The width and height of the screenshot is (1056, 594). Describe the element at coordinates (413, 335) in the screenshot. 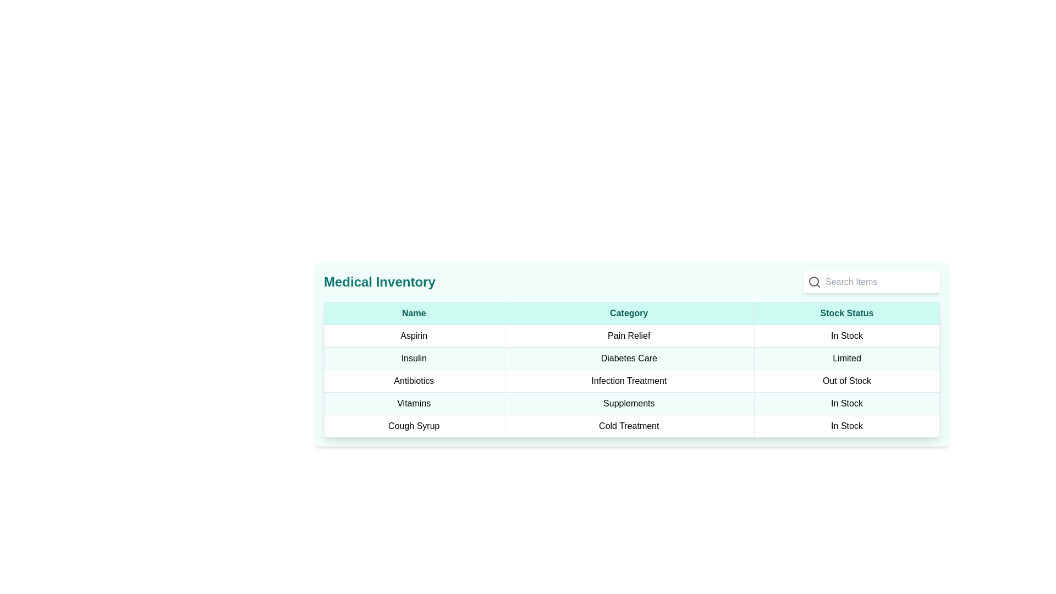

I see `the label identifying the product 'Aspirin' in the medical inventory table, located in the first column under the 'Name' header` at that location.